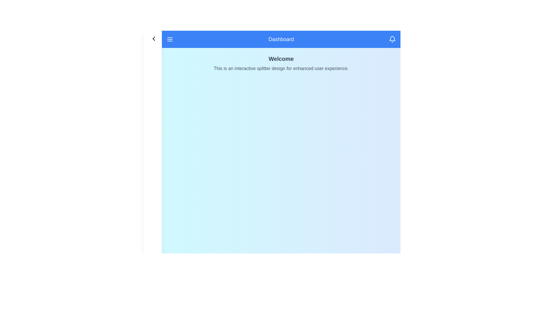 Image resolution: width=552 pixels, height=310 pixels. I want to click on the bell icon located in the top-right corner of the blue navigation bar, so click(392, 39).